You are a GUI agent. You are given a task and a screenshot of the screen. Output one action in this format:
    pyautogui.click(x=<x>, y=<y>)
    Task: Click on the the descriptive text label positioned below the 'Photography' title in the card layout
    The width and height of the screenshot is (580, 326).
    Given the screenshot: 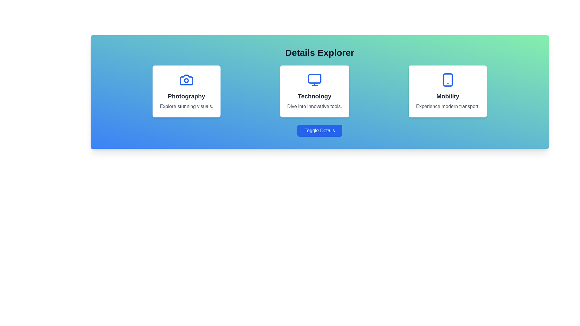 What is the action you would take?
    pyautogui.click(x=186, y=106)
    